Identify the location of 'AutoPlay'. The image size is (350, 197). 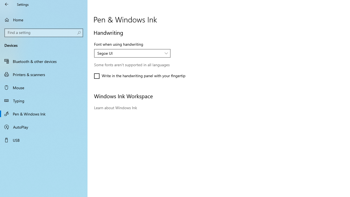
(44, 127).